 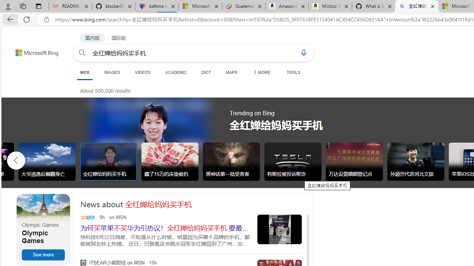 What do you see at coordinates (143, 72) in the screenshot?
I see `'VIDEOS'` at bounding box center [143, 72].